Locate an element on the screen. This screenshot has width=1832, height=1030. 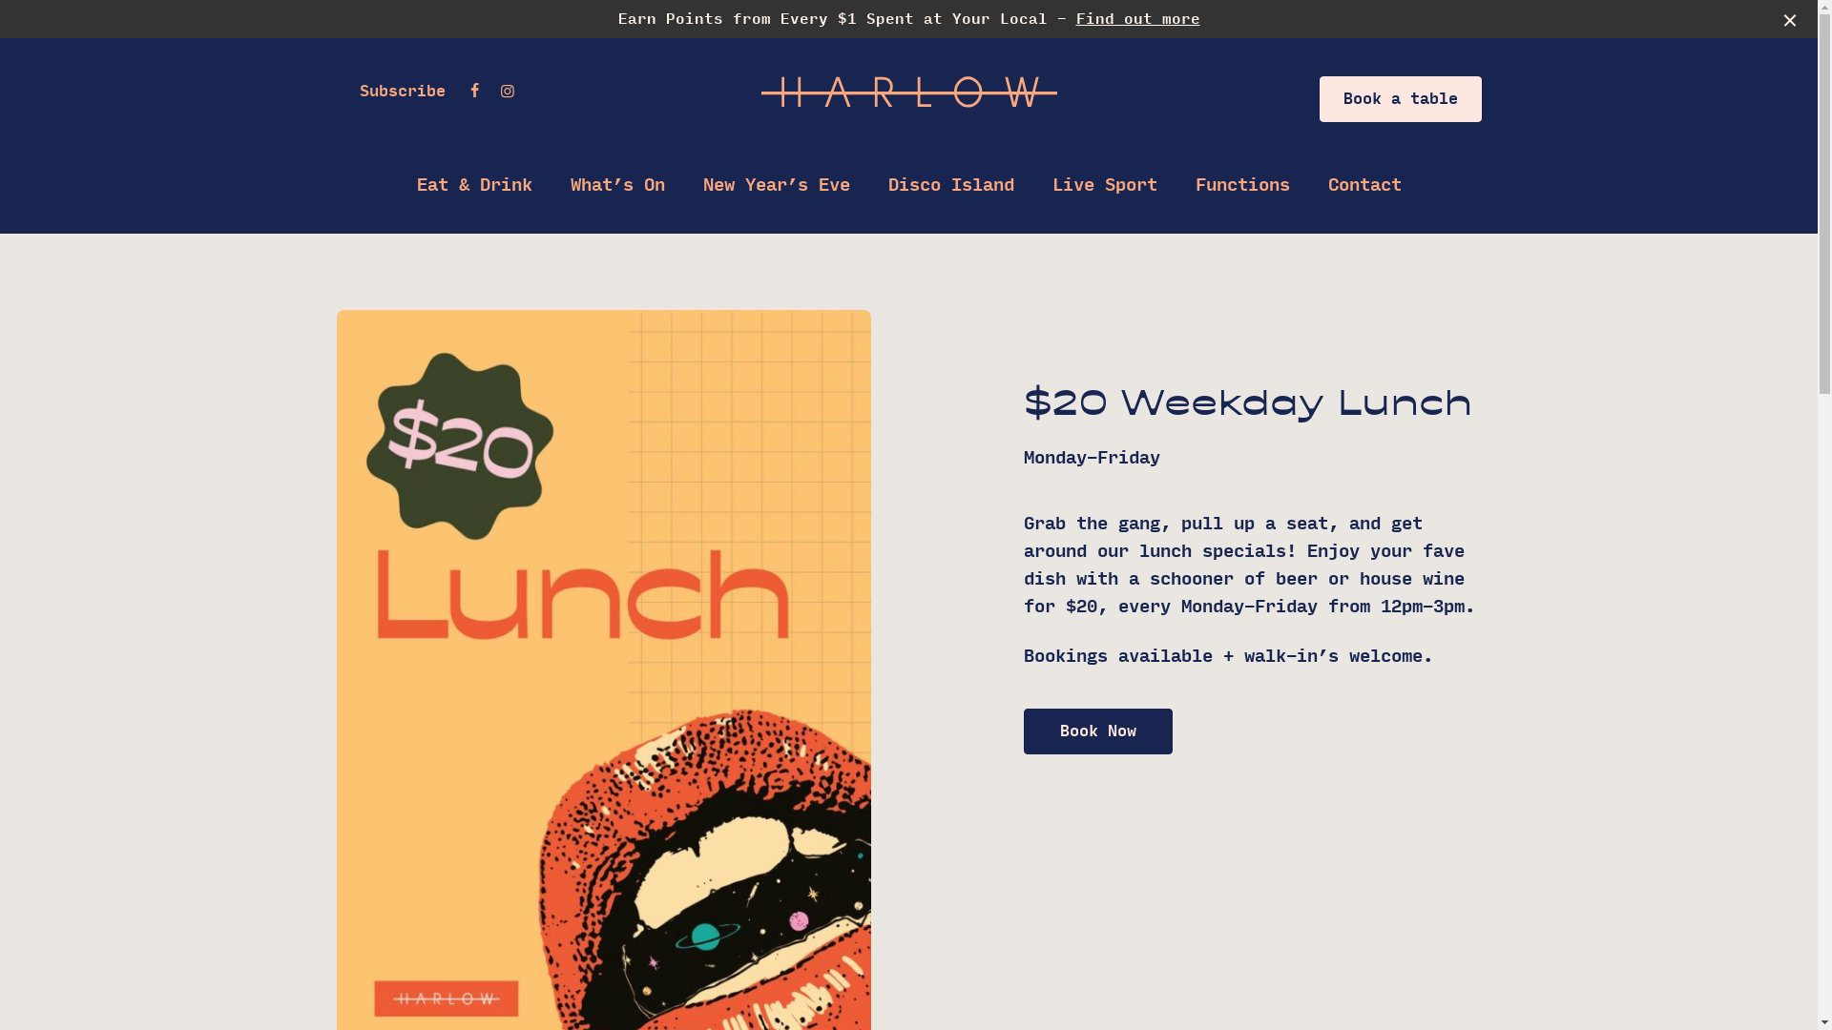
'Subscribe' is located at coordinates (401, 91).